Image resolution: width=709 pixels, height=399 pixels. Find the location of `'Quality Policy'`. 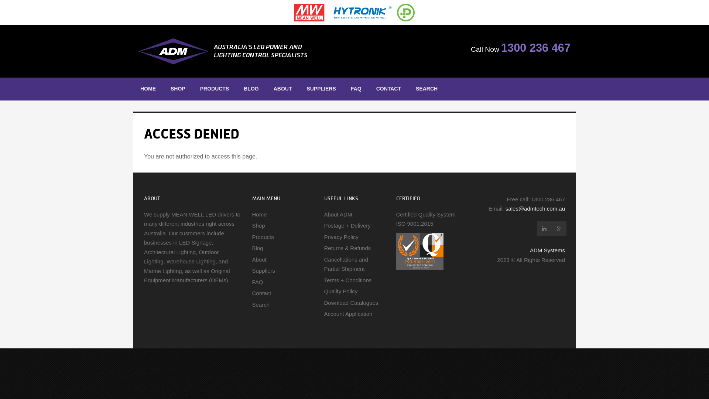

'Quality Policy' is located at coordinates (340, 291).